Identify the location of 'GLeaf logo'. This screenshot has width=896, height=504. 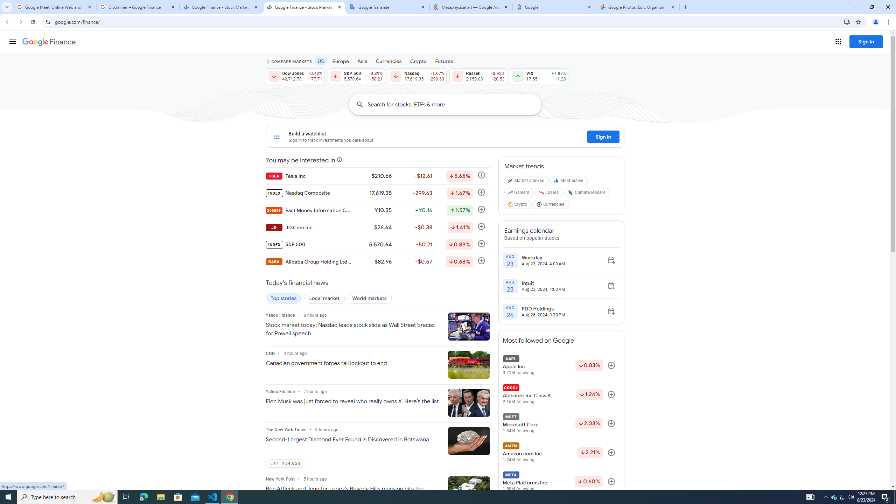
(570, 192).